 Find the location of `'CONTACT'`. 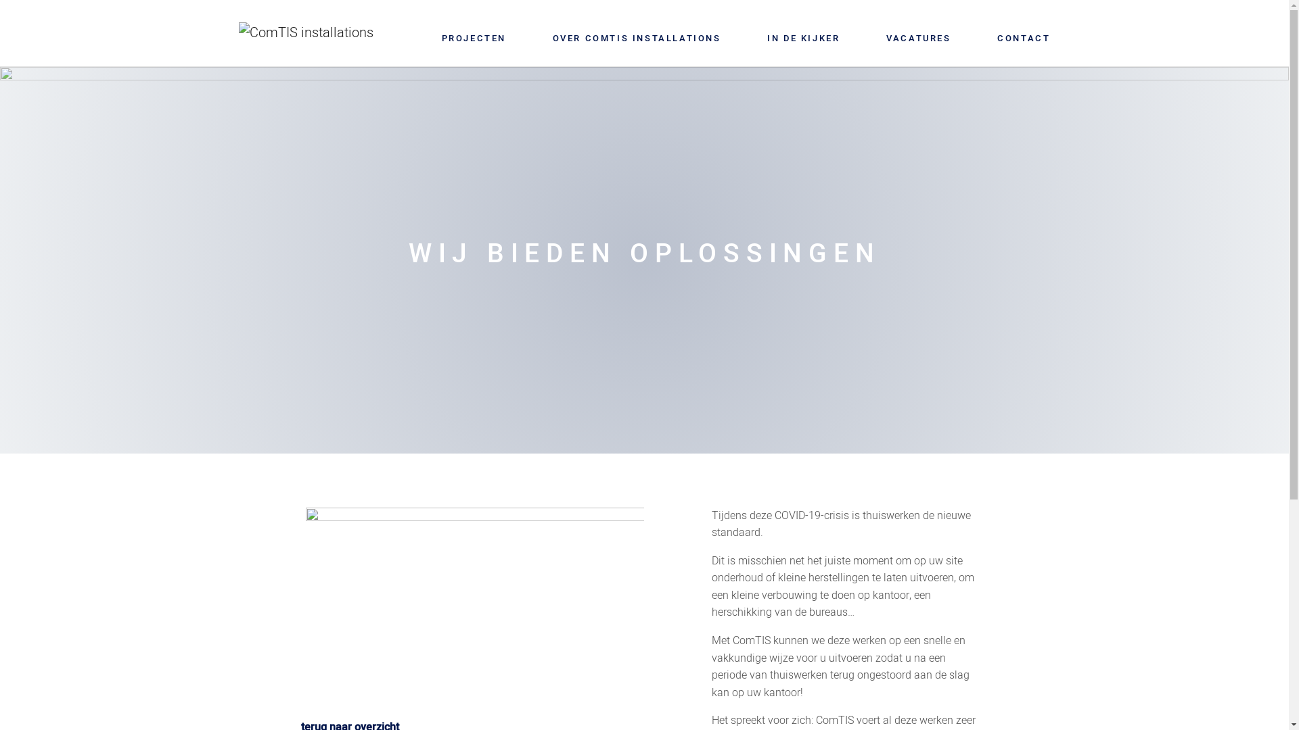

'CONTACT' is located at coordinates (1023, 37).